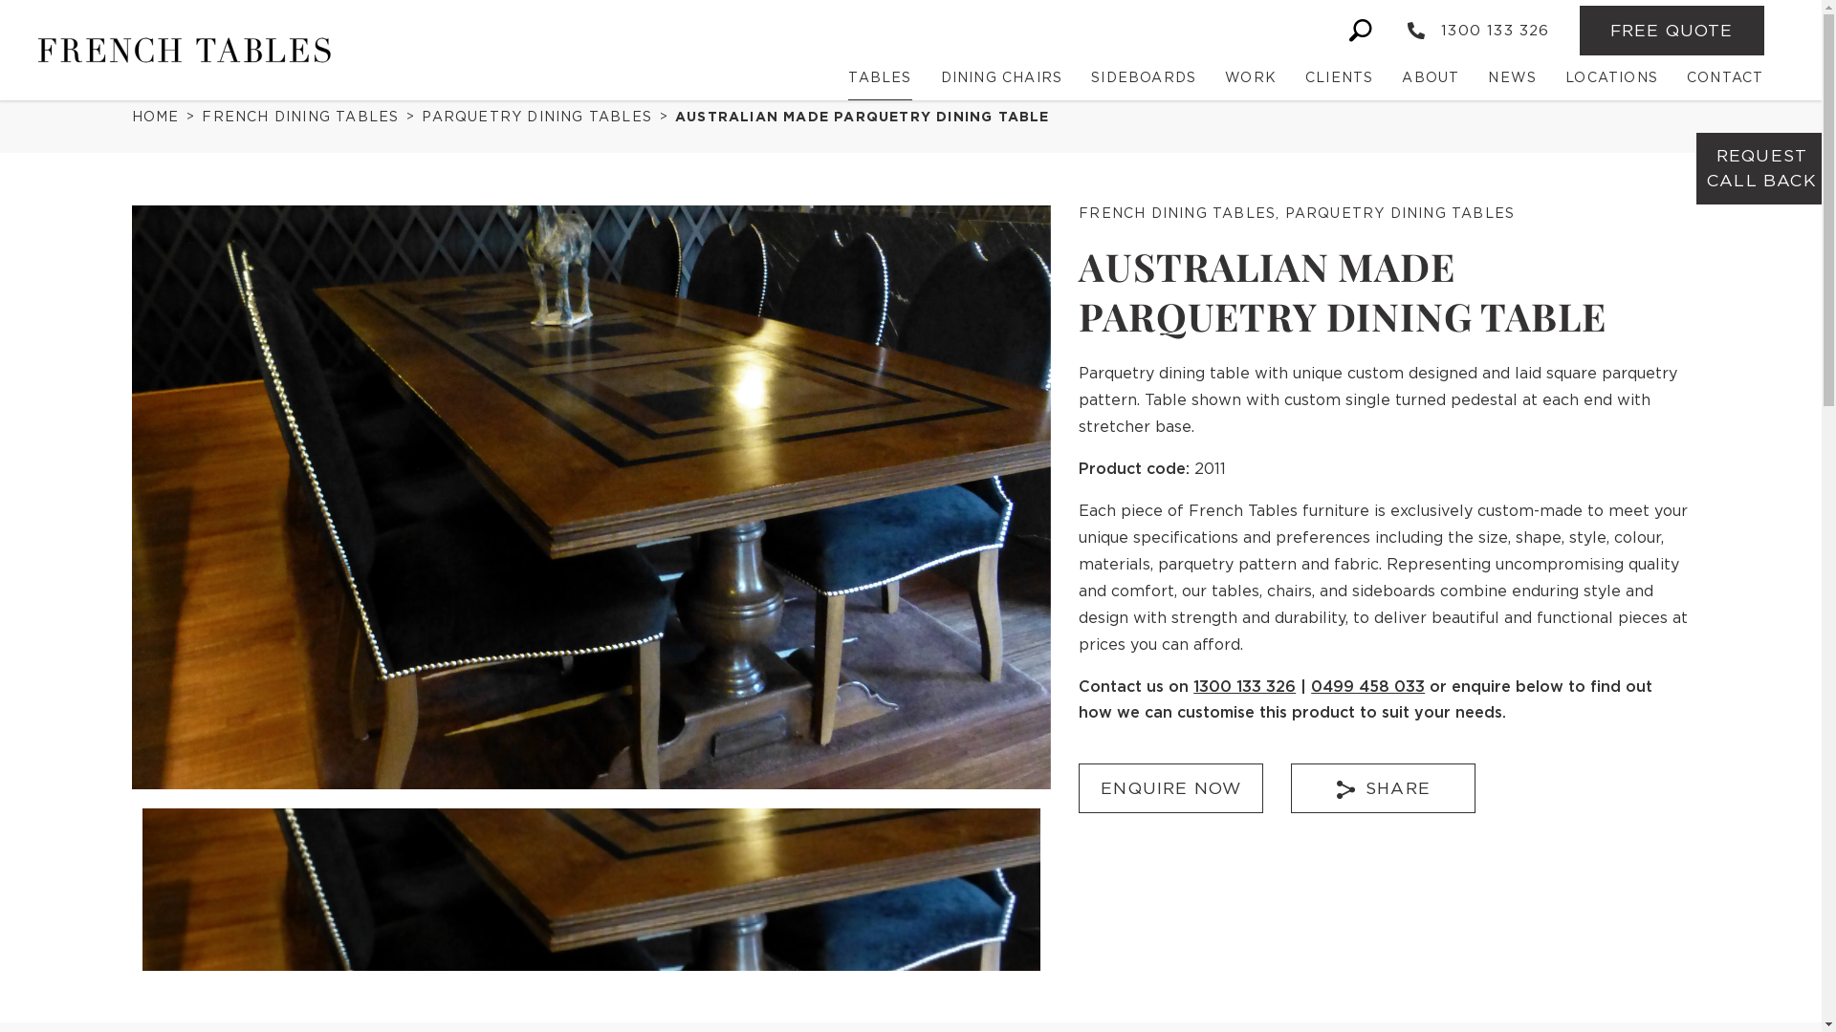 The image size is (1836, 1032). I want to click on 'HOME', so click(161, 117).